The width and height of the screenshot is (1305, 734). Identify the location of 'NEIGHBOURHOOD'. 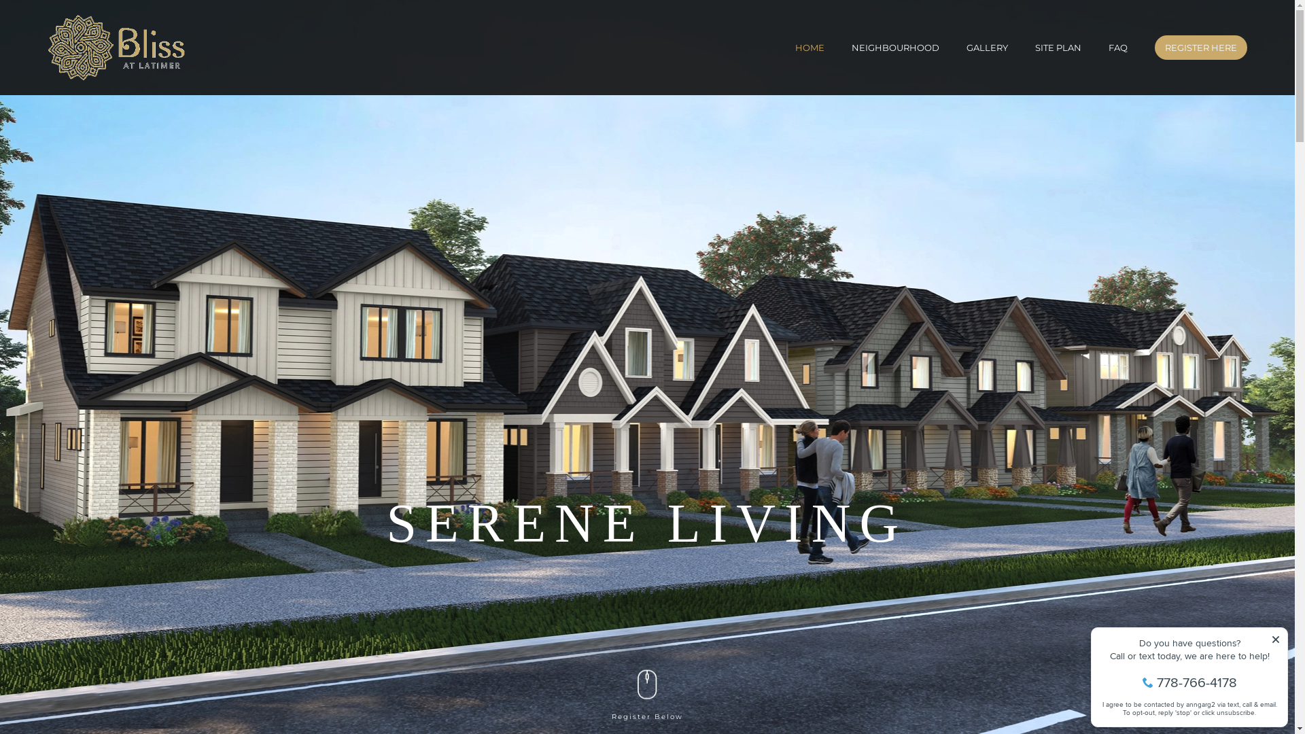
(895, 46).